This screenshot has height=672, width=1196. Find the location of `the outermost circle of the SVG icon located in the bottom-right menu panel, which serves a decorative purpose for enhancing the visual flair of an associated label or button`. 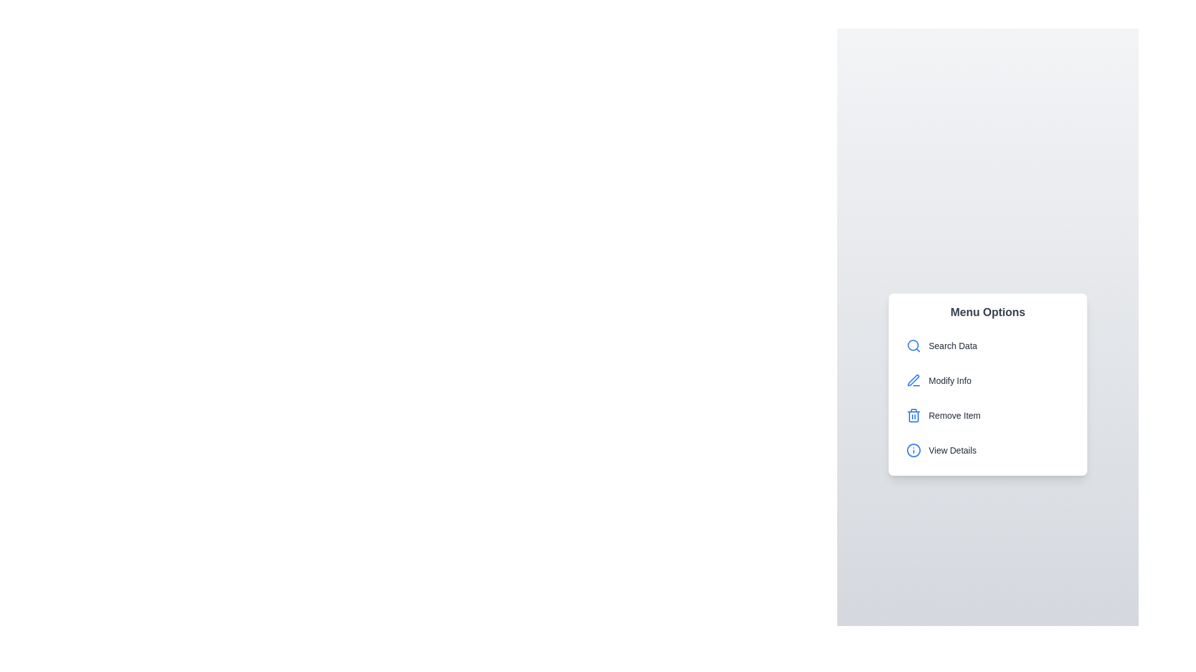

the outermost circle of the SVG icon located in the bottom-right menu panel, which serves a decorative purpose for enhancing the visual flair of an associated label or button is located at coordinates (914, 450).